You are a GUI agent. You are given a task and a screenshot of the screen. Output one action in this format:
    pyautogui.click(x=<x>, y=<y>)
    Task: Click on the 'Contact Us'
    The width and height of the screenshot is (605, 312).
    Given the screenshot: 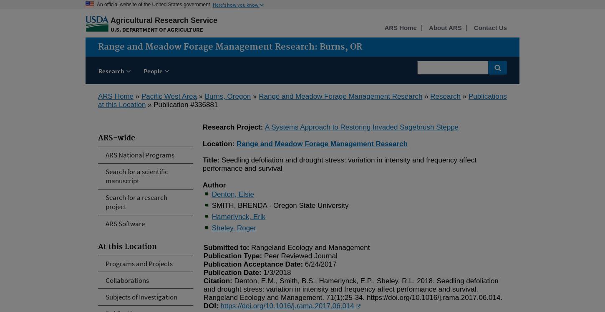 What is the action you would take?
    pyautogui.click(x=489, y=27)
    